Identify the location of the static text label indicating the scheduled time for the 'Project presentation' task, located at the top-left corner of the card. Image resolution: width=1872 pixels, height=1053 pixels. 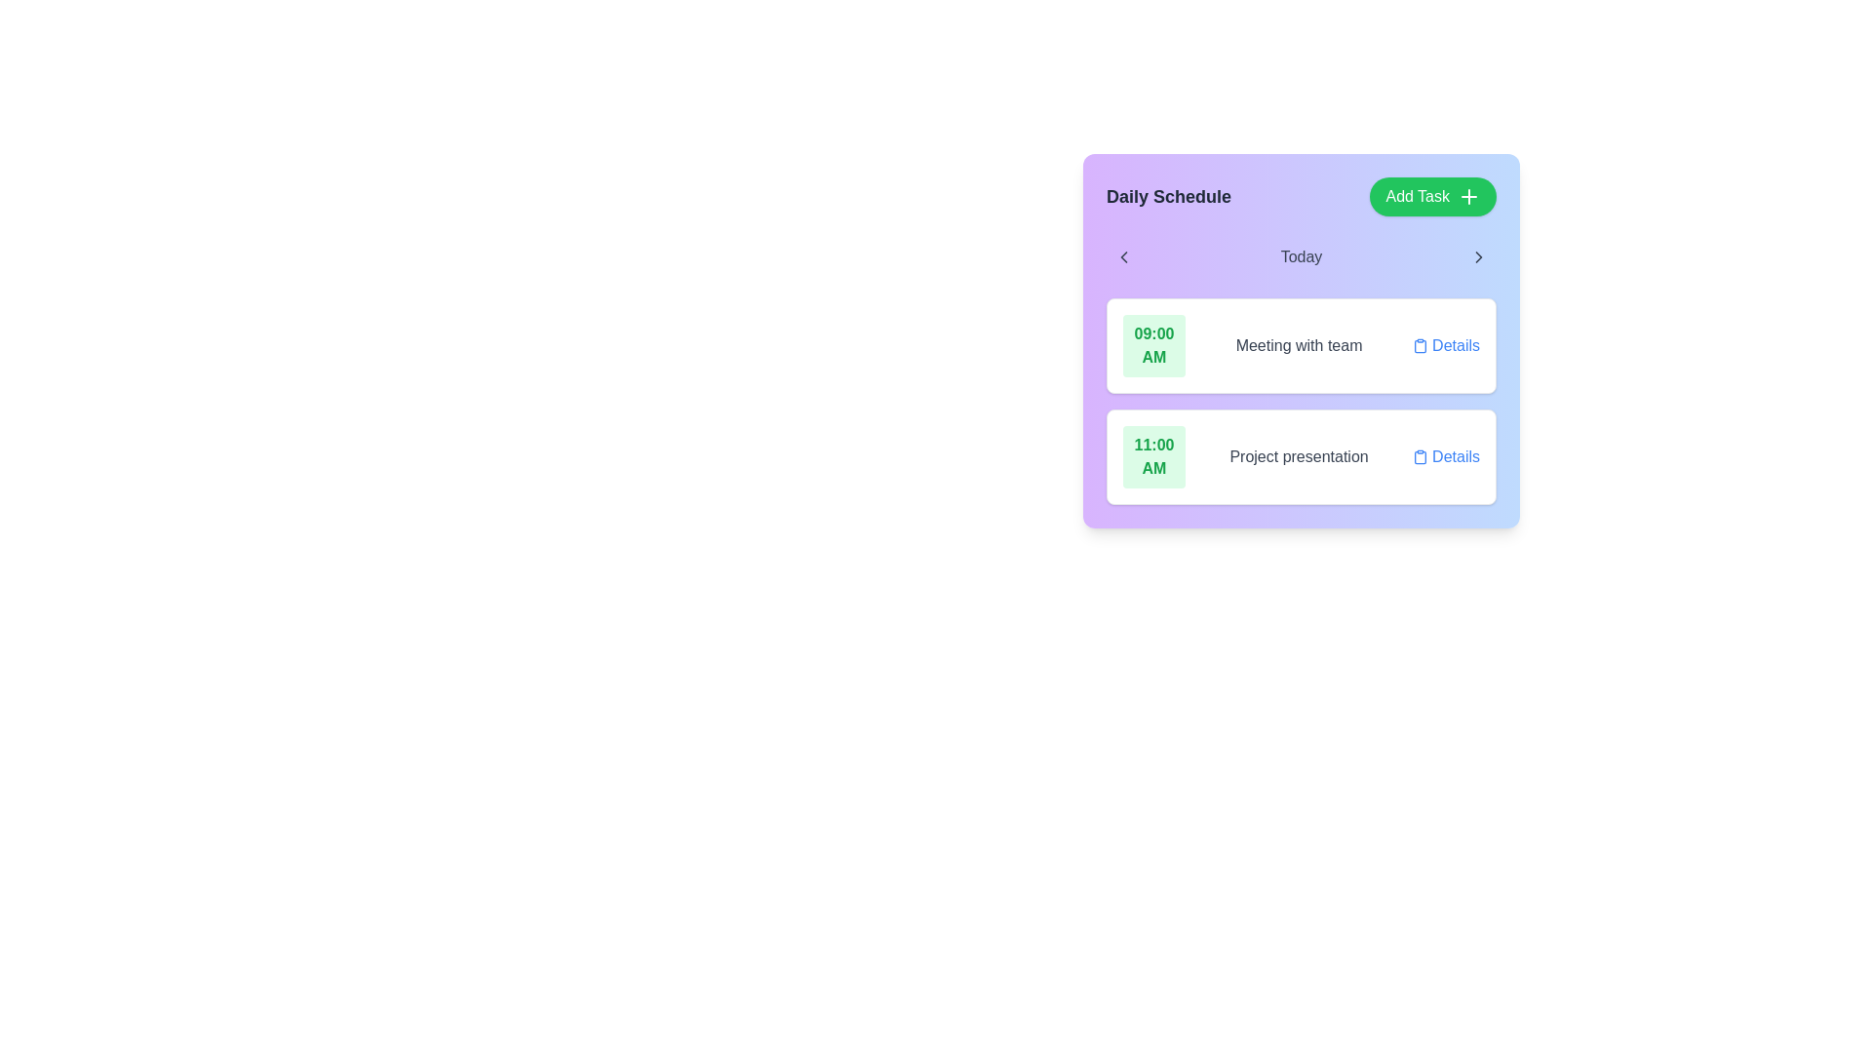
(1154, 457).